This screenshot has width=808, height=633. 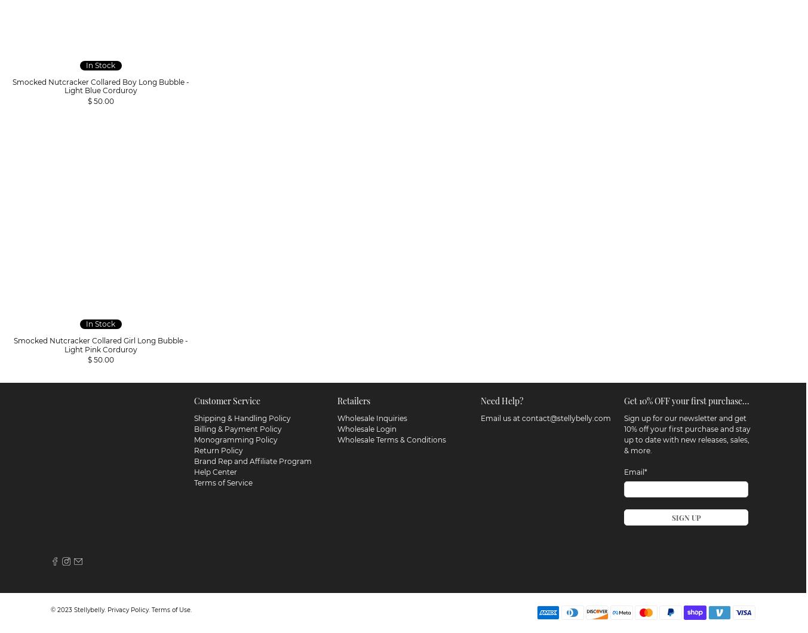 What do you see at coordinates (371, 416) in the screenshot?
I see `'Wholesale Inquiries'` at bounding box center [371, 416].